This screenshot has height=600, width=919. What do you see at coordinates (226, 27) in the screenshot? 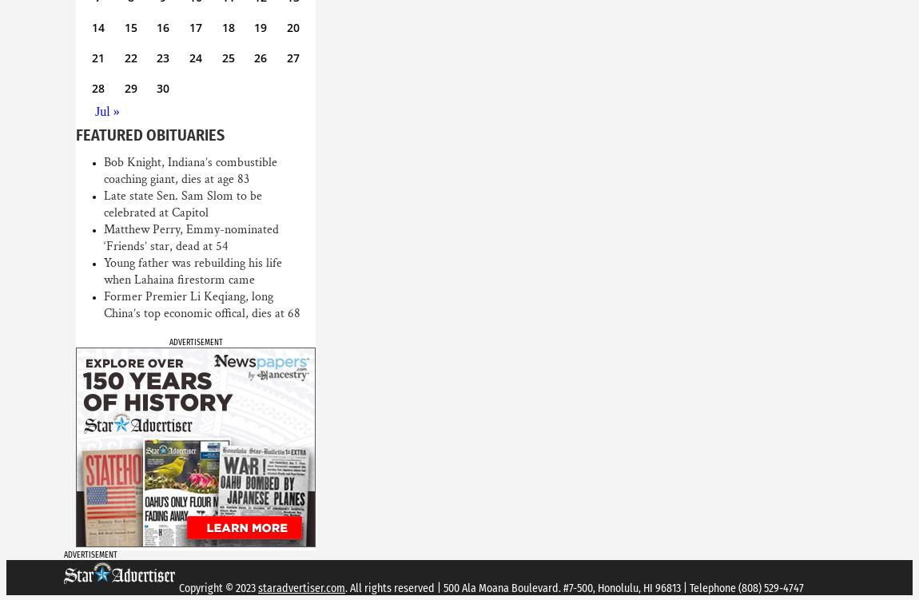
I see `'18'` at bounding box center [226, 27].